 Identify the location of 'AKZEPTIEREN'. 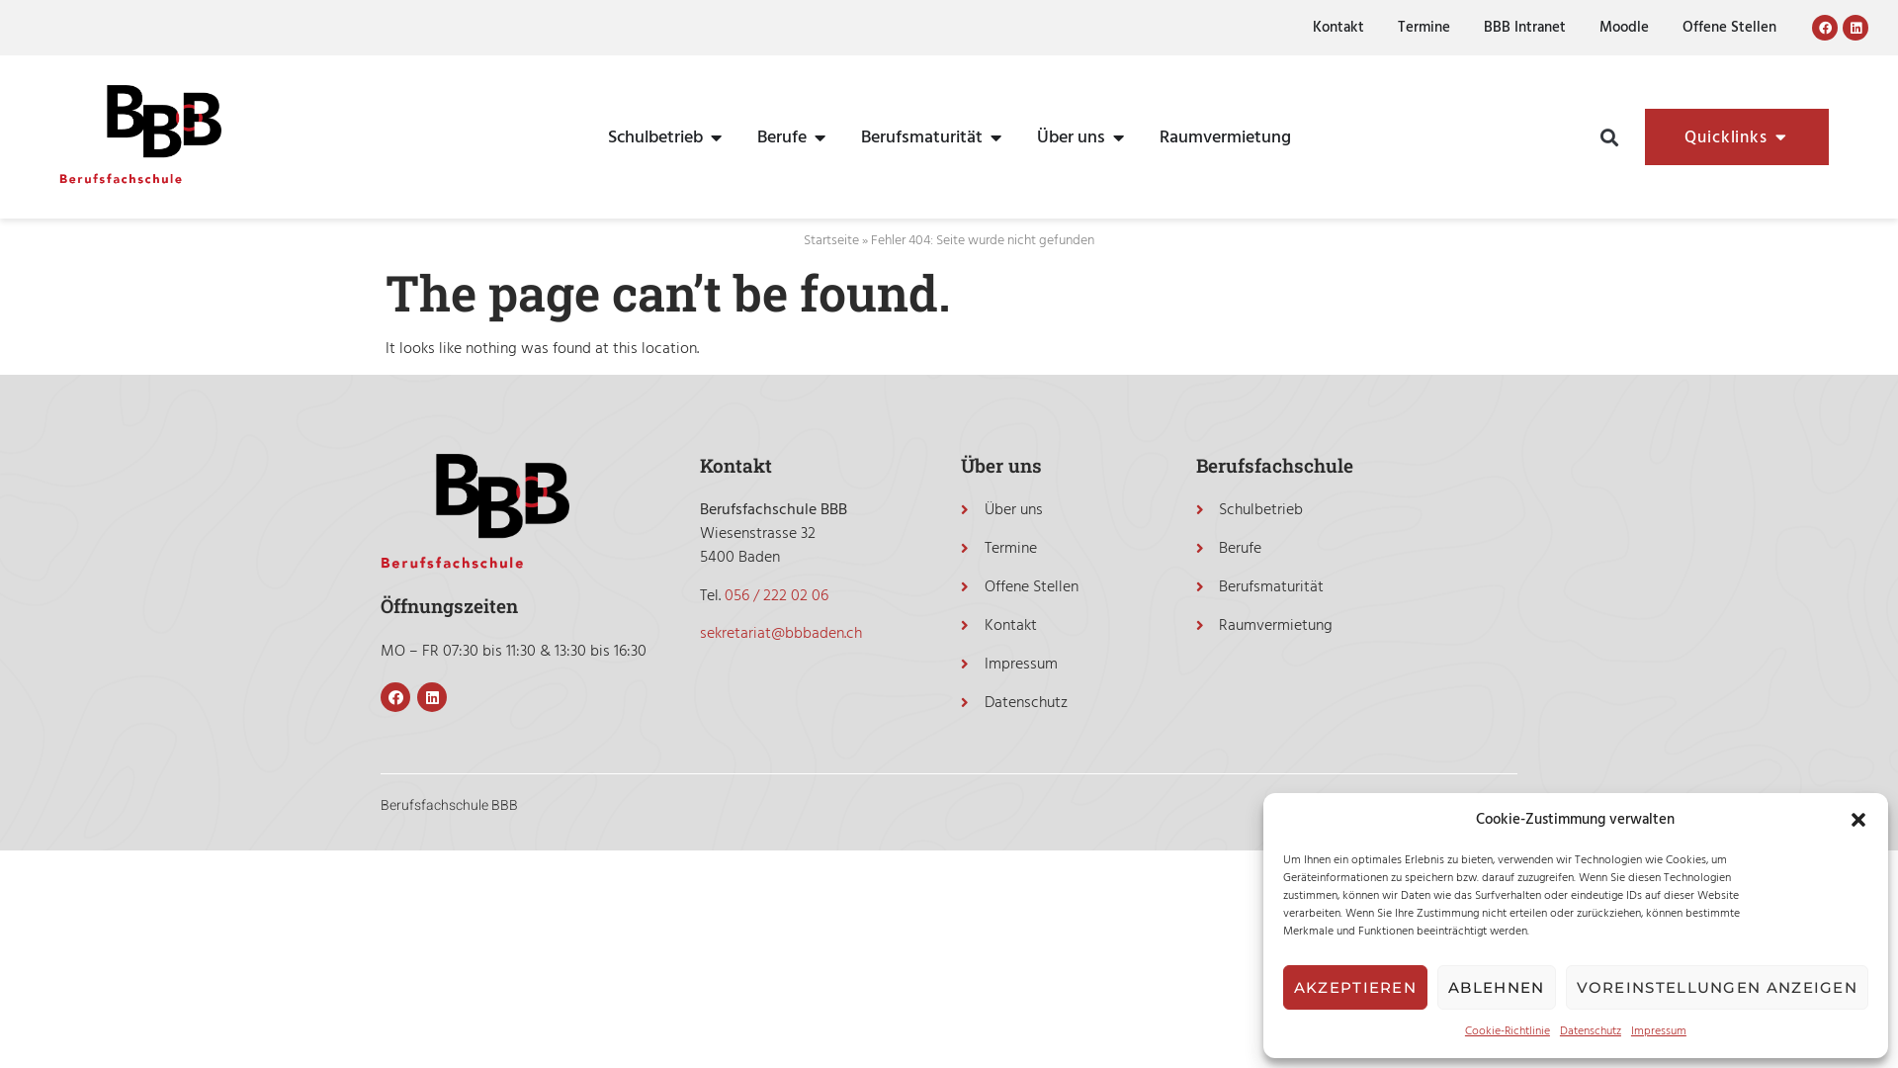
(1282, 987).